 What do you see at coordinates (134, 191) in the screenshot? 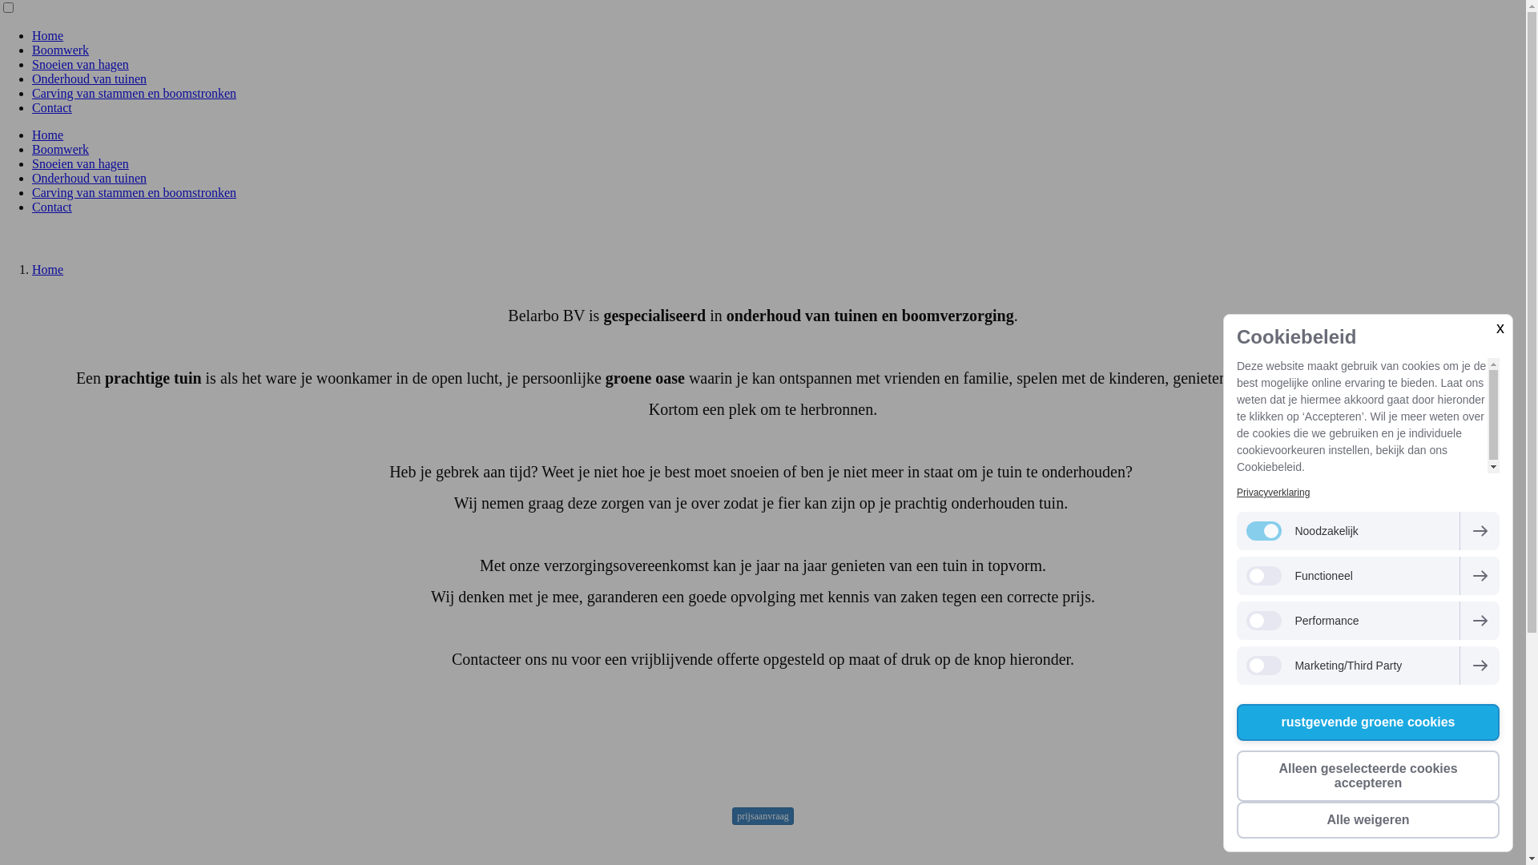
I see `'Carving van stammen en boomstronken'` at bounding box center [134, 191].